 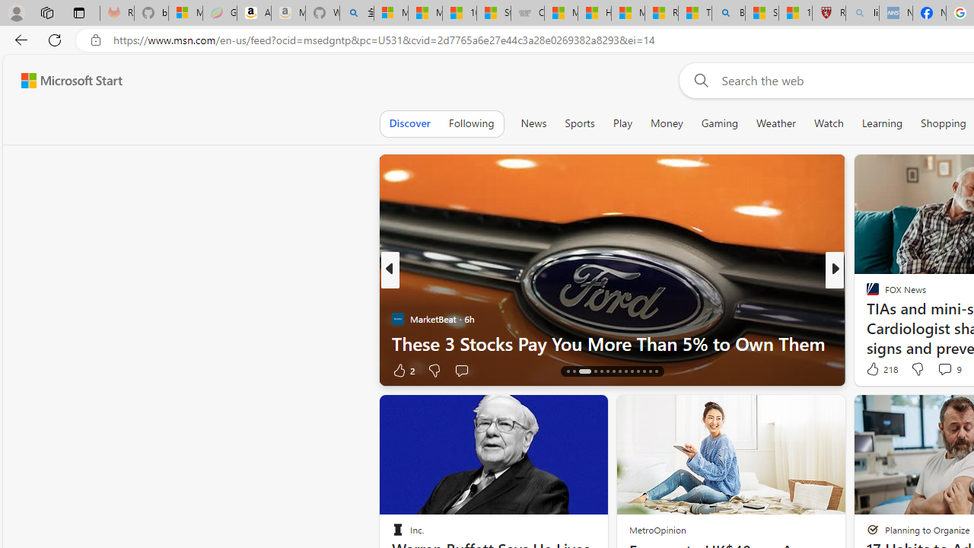 I want to click on '78 Like', so click(x=874, y=370).